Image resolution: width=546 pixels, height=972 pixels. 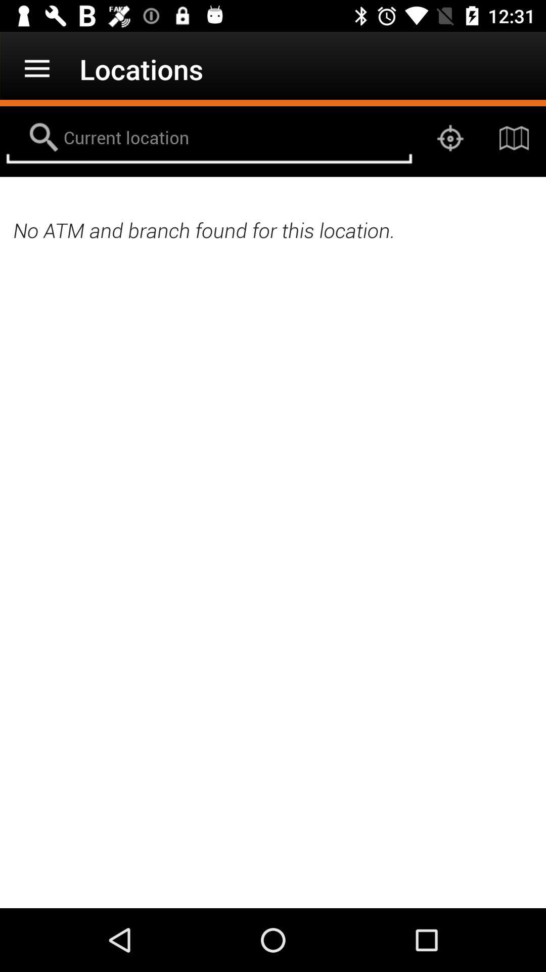 What do you see at coordinates (208, 138) in the screenshot?
I see `search location` at bounding box center [208, 138].